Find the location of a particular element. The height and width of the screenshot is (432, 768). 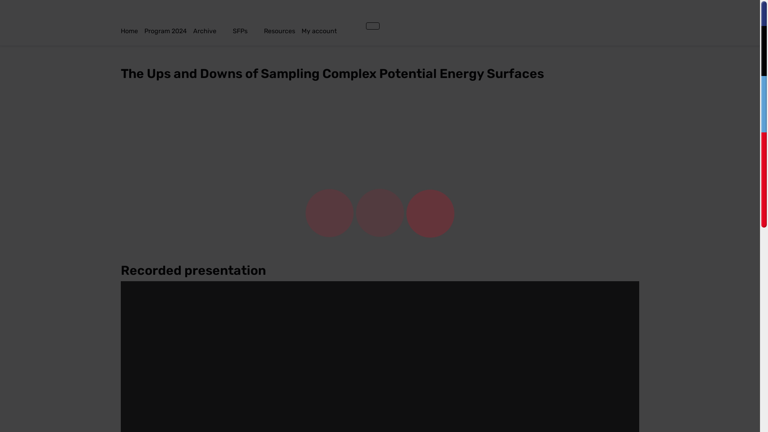

'Search' is located at coordinates (362, 25).